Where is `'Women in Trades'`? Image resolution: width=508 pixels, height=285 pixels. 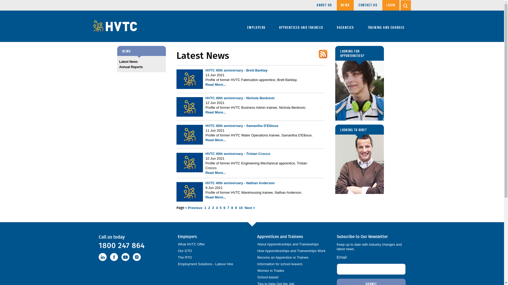
'Women in Trades' is located at coordinates (270, 270).